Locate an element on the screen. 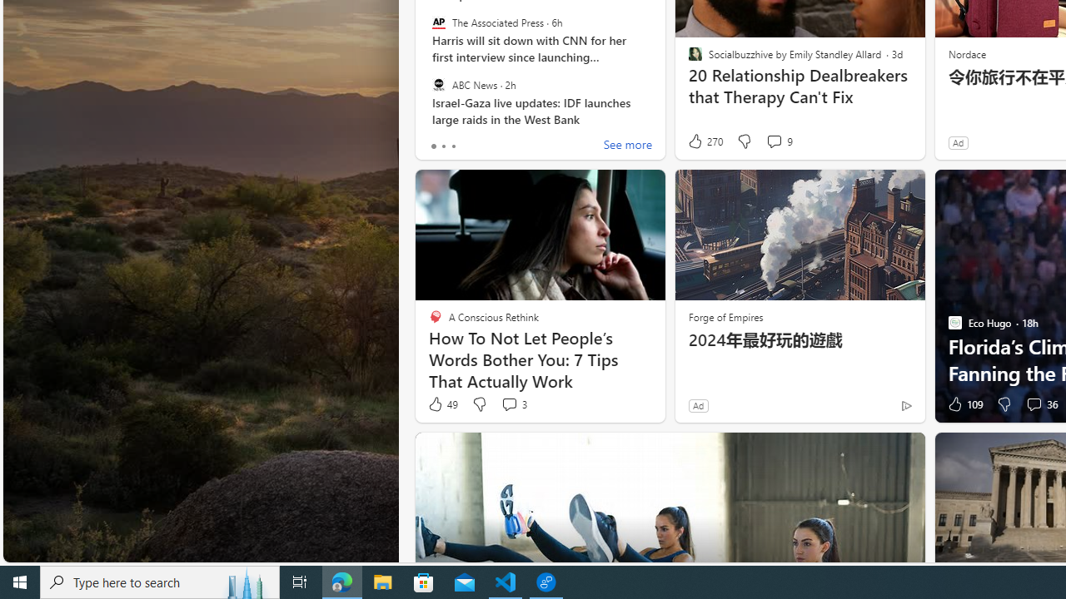  '270 Like' is located at coordinates (705, 141).